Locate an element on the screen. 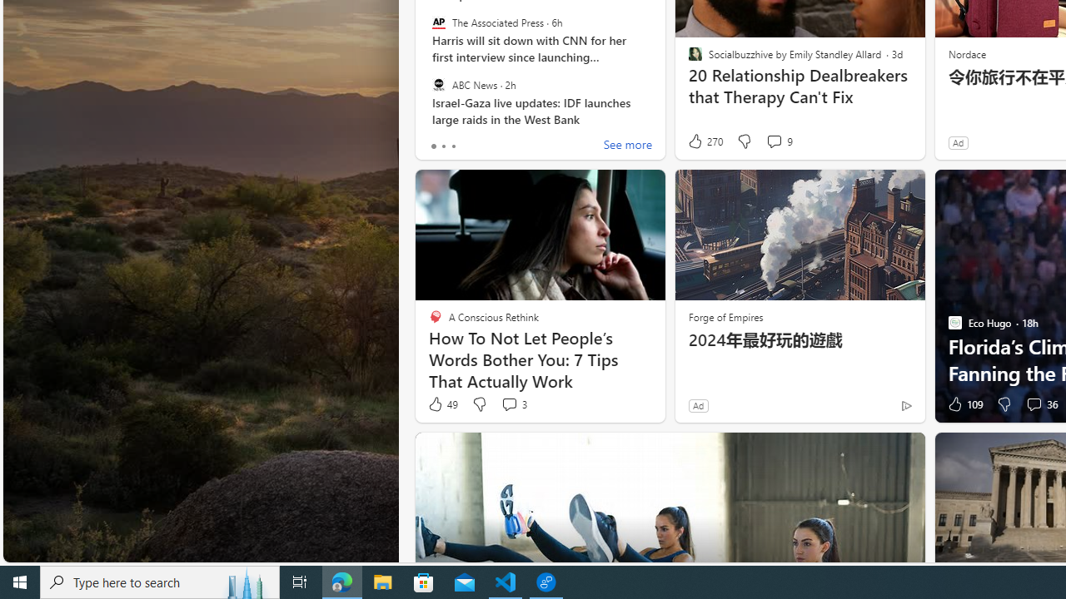  '270 Like' is located at coordinates (705, 141).